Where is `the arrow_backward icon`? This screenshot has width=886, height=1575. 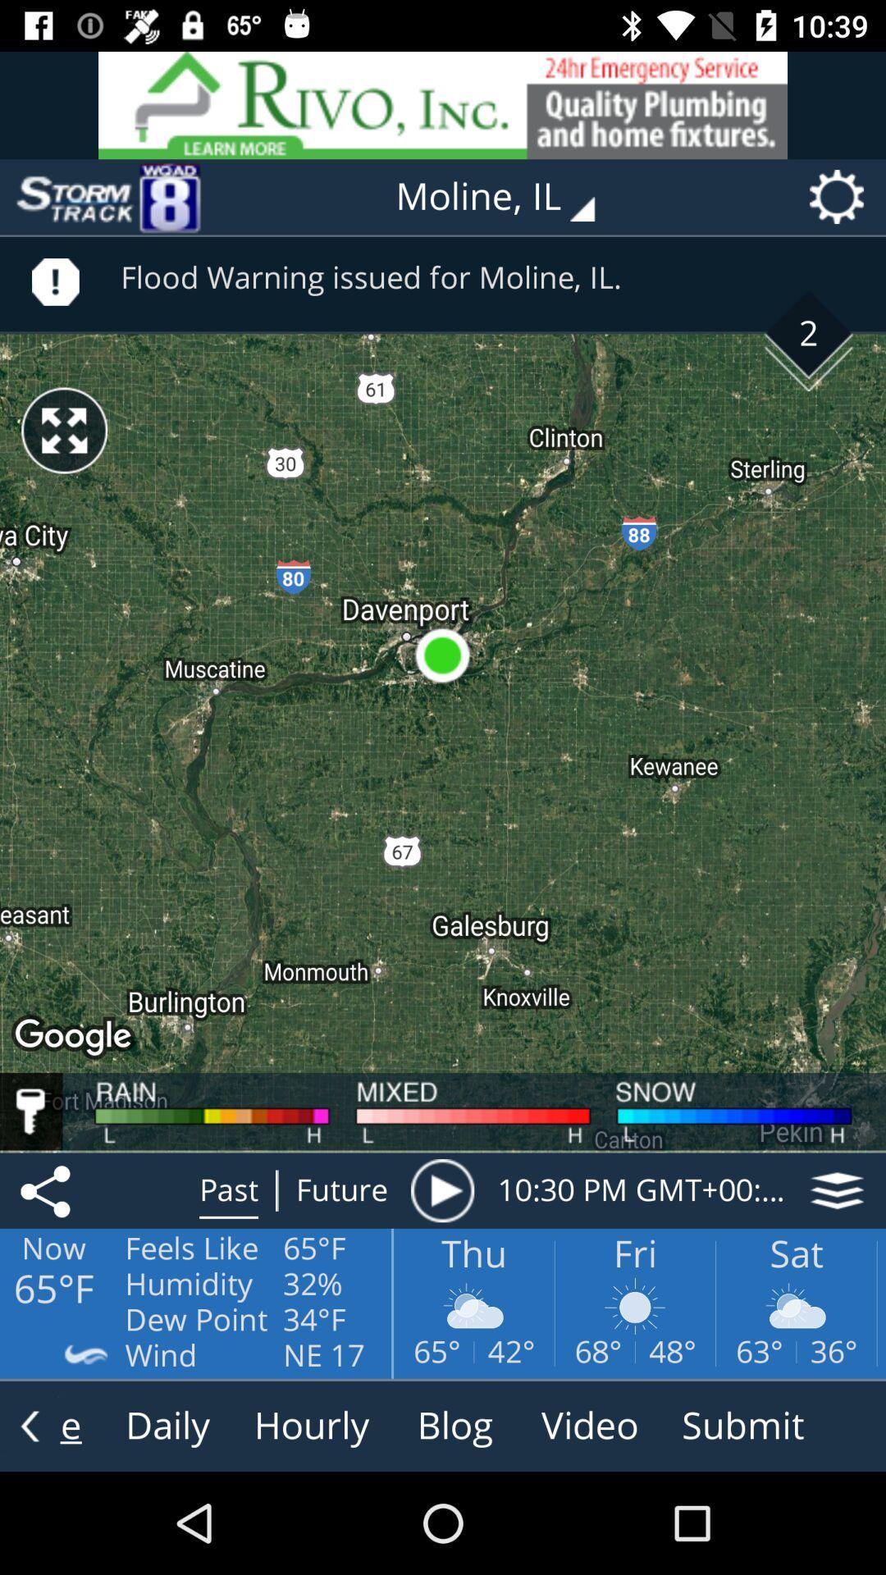 the arrow_backward icon is located at coordinates (30, 1425).